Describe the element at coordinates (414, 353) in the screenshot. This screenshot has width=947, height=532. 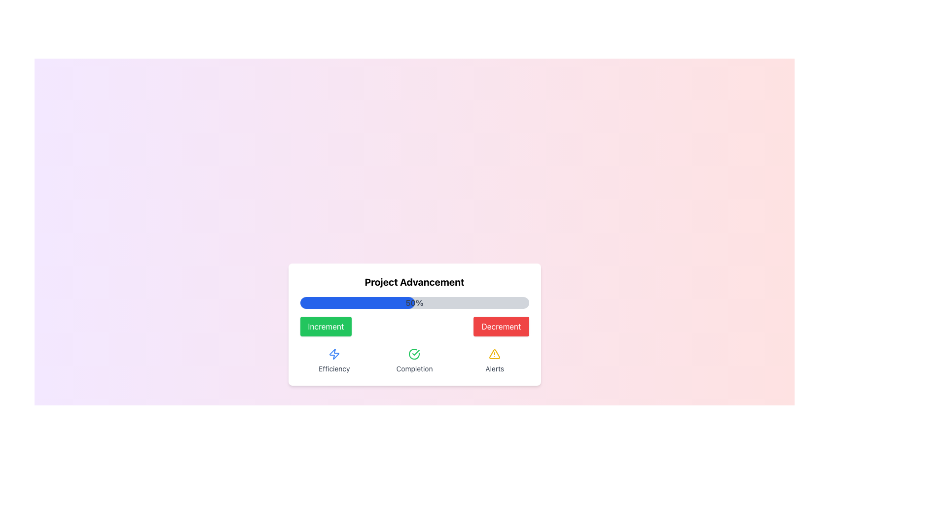
I see `the Status indicating icon located in the lower-middle section of the interface, directly above the label 'Completion' and between the 'Efficiency' and 'Alerts' icons` at that location.